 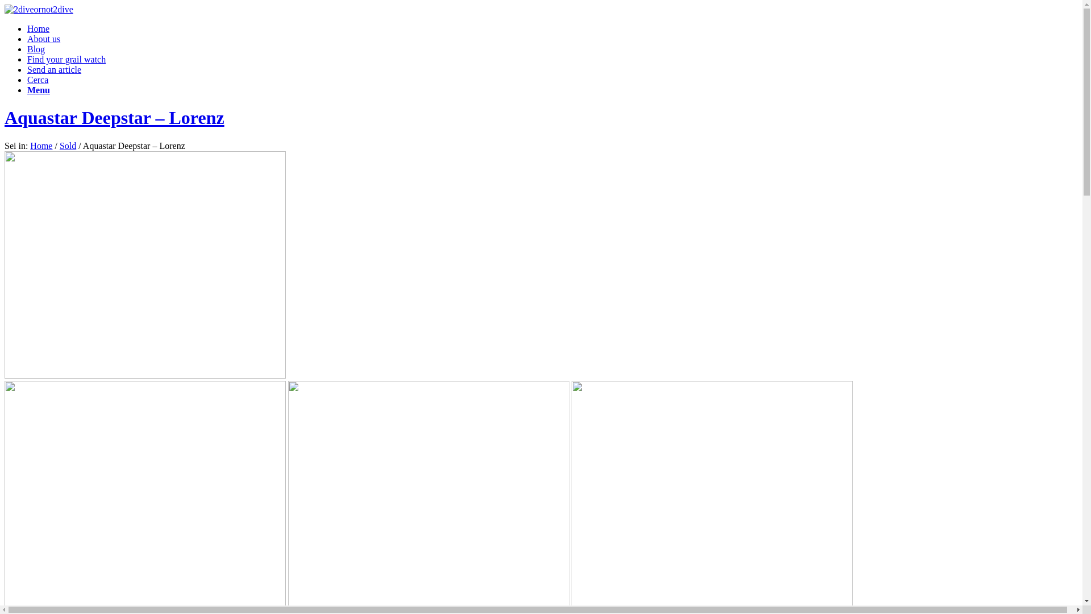 What do you see at coordinates (288, 494) in the screenshot?
I see `'20190625_150037'` at bounding box center [288, 494].